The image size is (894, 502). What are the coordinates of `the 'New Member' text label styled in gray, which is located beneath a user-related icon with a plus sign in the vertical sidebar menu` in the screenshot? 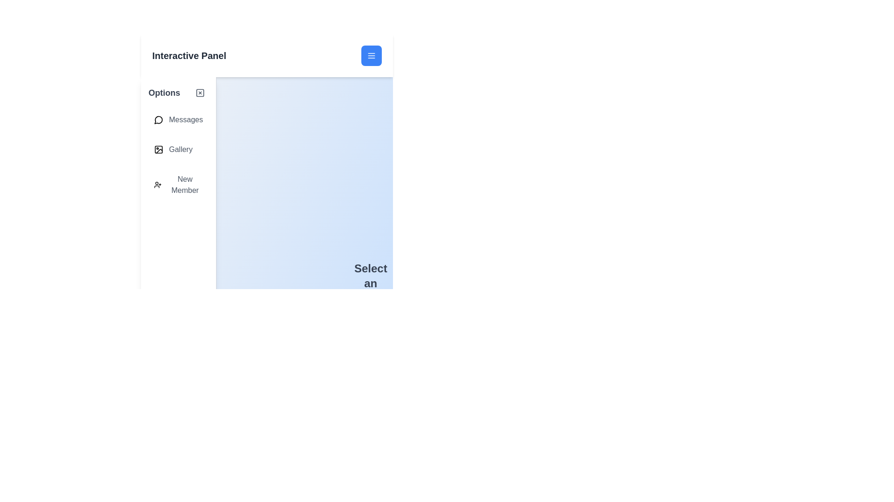 It's located at (185, 185).